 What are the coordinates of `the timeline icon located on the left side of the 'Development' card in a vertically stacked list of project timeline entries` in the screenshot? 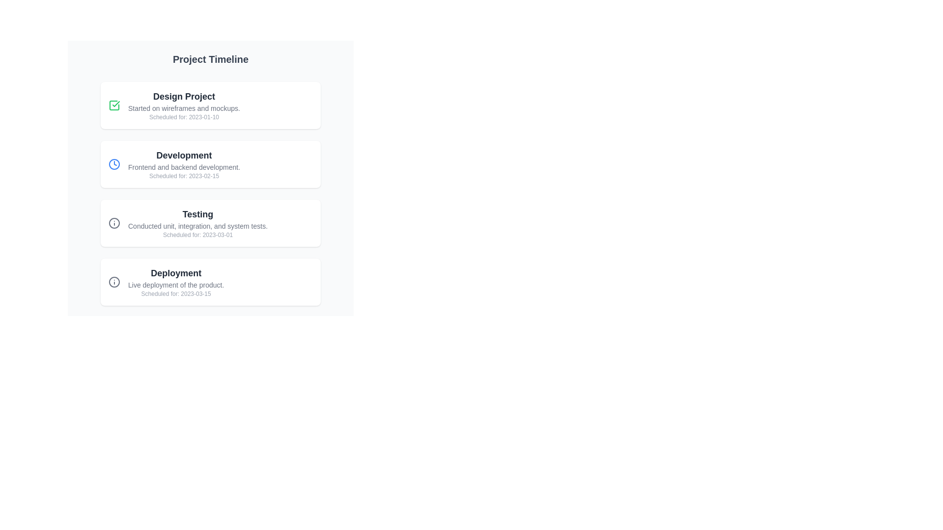 It's located at (114, 164).